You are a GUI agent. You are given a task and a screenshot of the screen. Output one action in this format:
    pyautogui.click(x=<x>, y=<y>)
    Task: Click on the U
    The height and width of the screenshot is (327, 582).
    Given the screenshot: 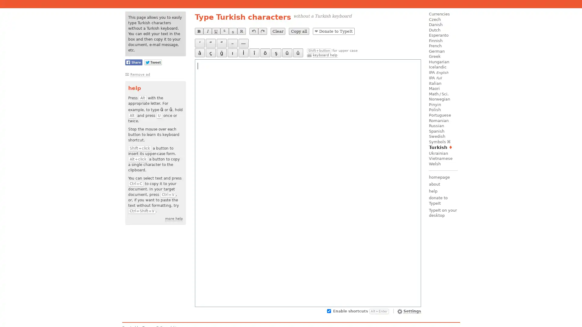 What is the action you would take?
    pyautogui.click(x=216, y=31)
    